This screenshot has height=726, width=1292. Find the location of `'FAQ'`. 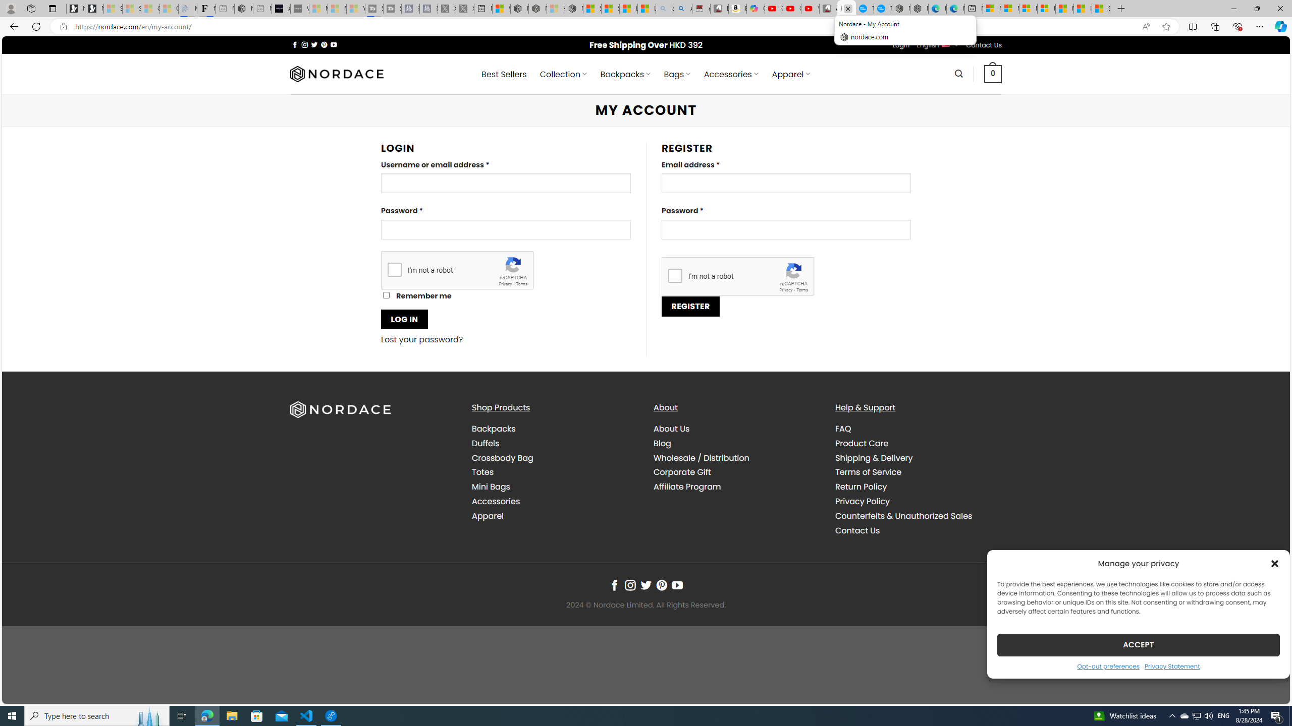

'FAQ' is located at coordinates (843, 429).